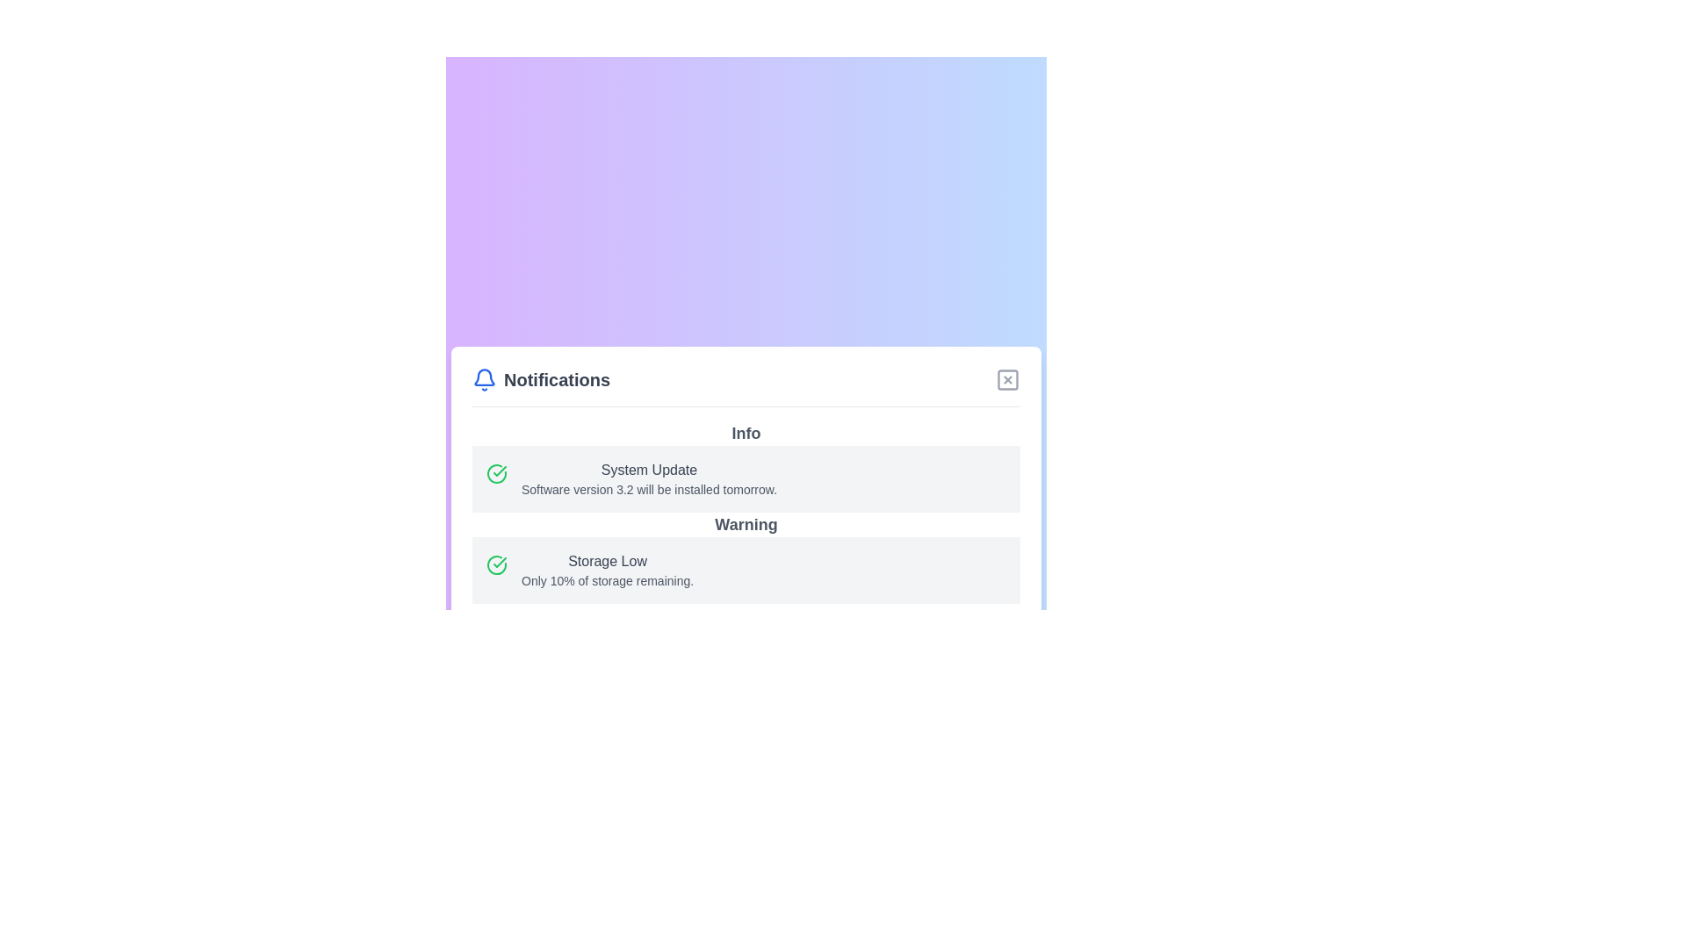 The image size is (1686, 948). Describe the element at coordinates (1007, 378) in the screenshot. I see `the small square button with a gray border and centered 'X' symbol located at the top-right corner of the 'Notifications' panel` at that location.